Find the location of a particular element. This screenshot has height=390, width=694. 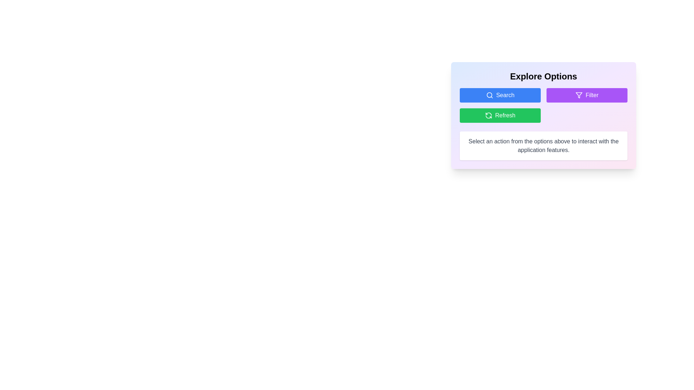

the prominent header text 'Explore Options' which is styled in bold and large font, located at the top of a gradient background card is located at coordinates (543, 77).